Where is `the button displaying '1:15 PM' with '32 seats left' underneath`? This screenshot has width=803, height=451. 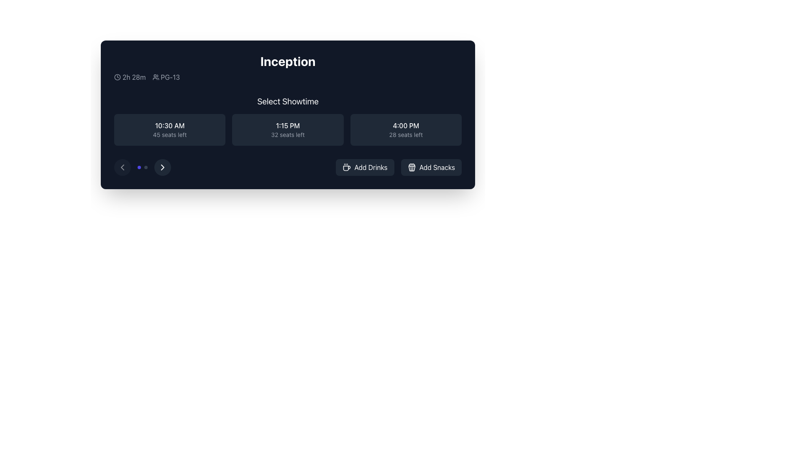
the button displaying '1:15 PM' with '32 seats left' underneath is located at coordinates (288, 130).